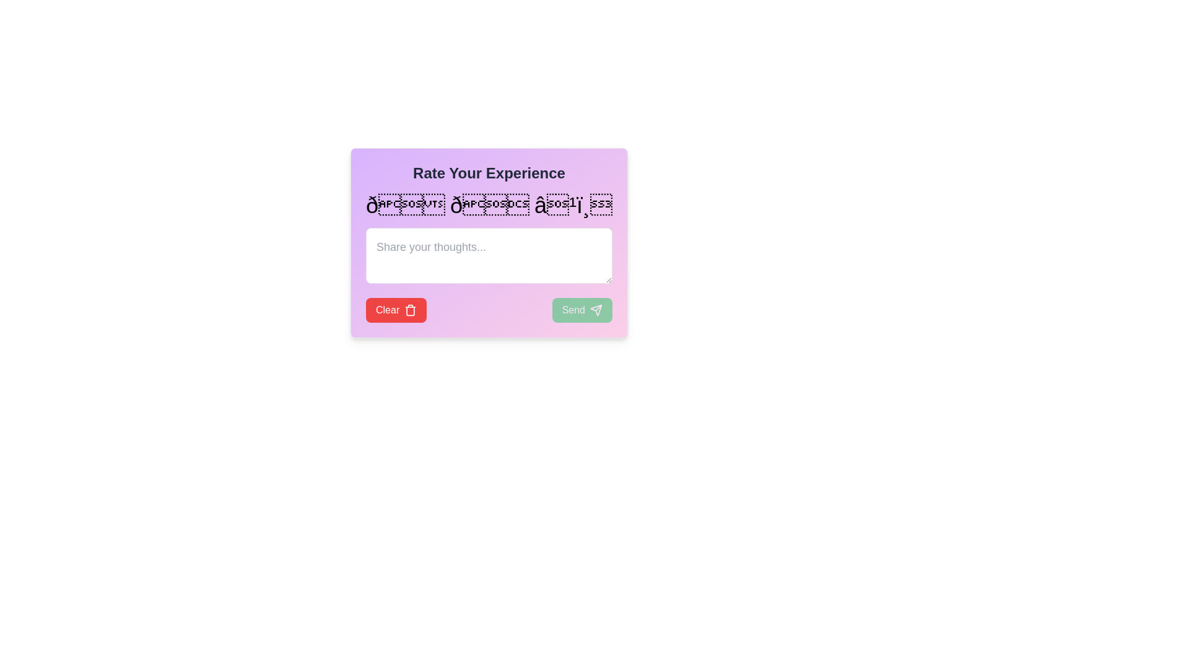 The height and width of the screenshot is (669, 1189). I want to click on the first emoji icon (smiley face 😊) in the dialog box, so click(405, 204).